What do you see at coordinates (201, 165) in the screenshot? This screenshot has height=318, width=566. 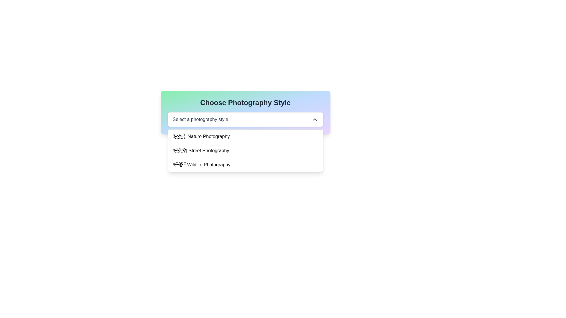 I see `the '🦁 Wildlife Photography' option in the dropdown menu` at bounding box center [201, 165].